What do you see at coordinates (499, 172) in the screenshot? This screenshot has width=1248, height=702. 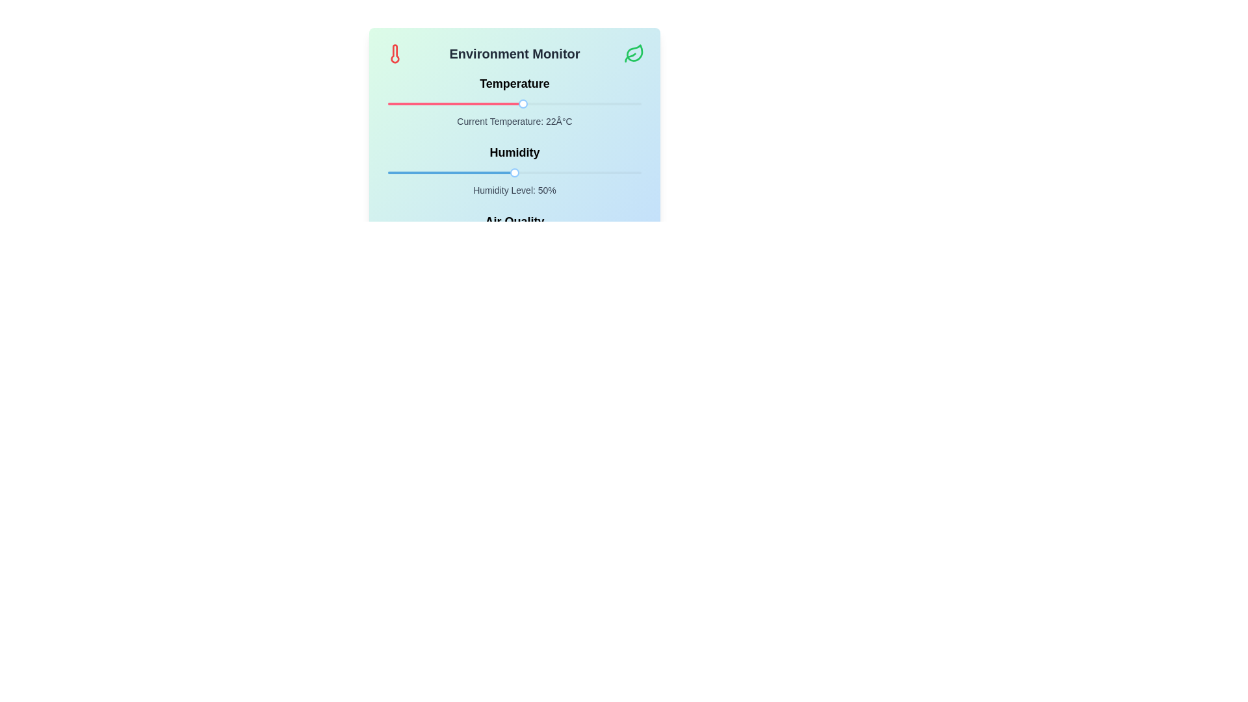 I see `humidity` at bounding box center [499, 172].